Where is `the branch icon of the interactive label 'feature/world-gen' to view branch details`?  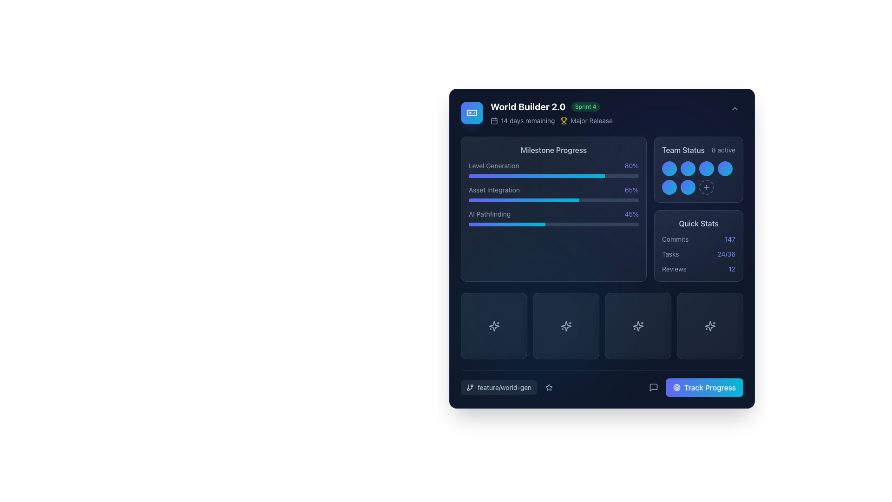 the branch icon of the interactive label 'feature/world-gen' to view branch details is located at coordinates (508, 387).